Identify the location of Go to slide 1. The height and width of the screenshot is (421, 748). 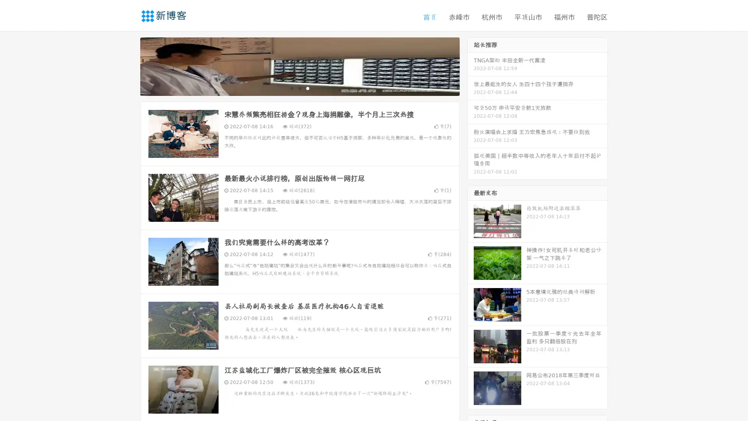
(291, 88).